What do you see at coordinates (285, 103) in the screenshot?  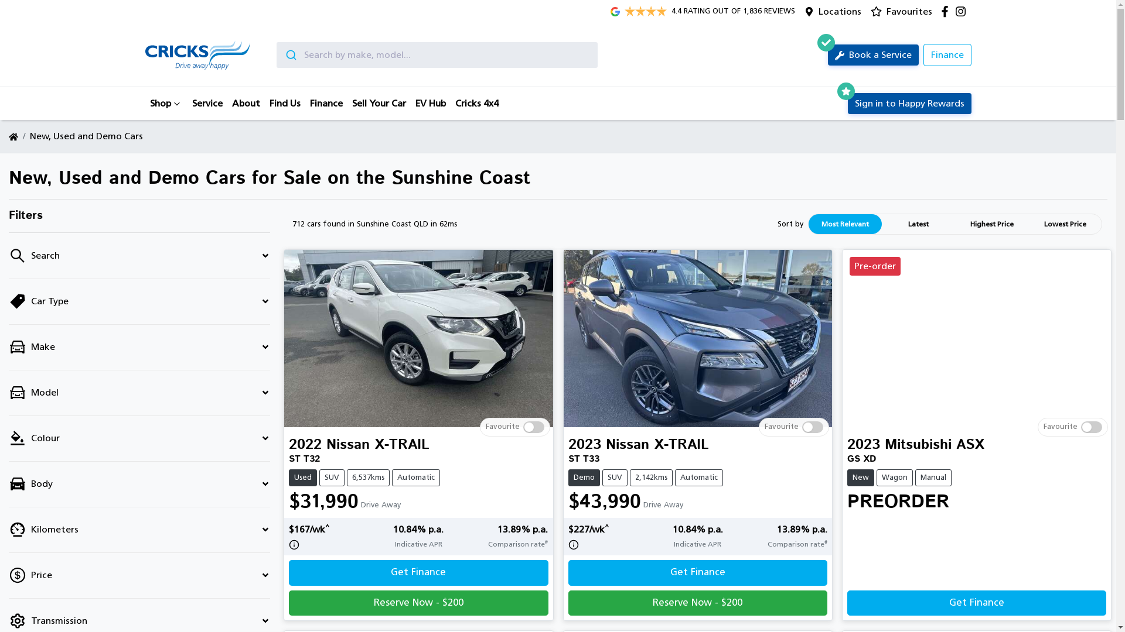 I see `'Find Us'` at bounding box center [285, 103].